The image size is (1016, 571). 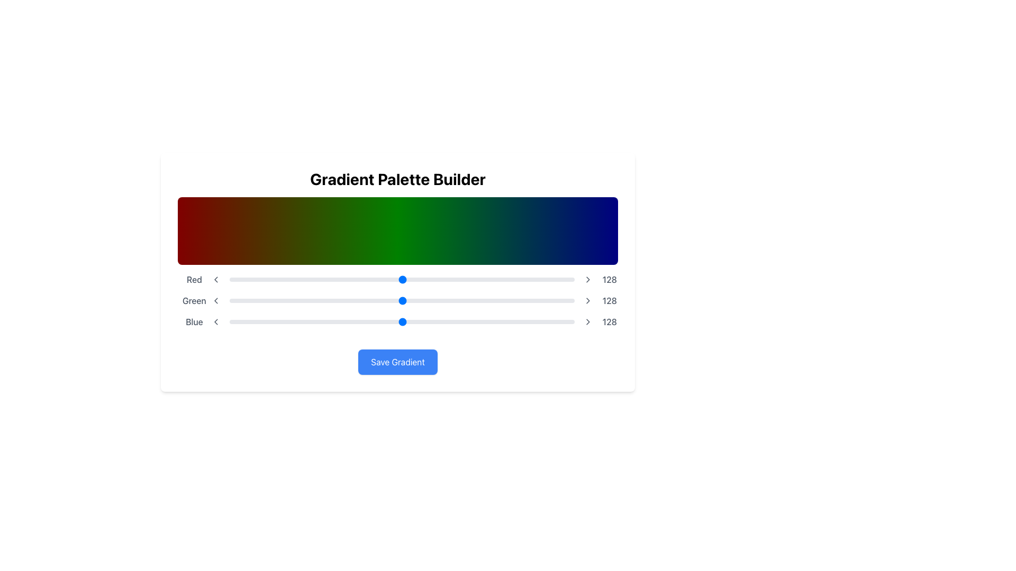 What do you see at coordinates (270, 319) in the screenshot?
I see `the blue color intensity` at bounding box center [270, 319].